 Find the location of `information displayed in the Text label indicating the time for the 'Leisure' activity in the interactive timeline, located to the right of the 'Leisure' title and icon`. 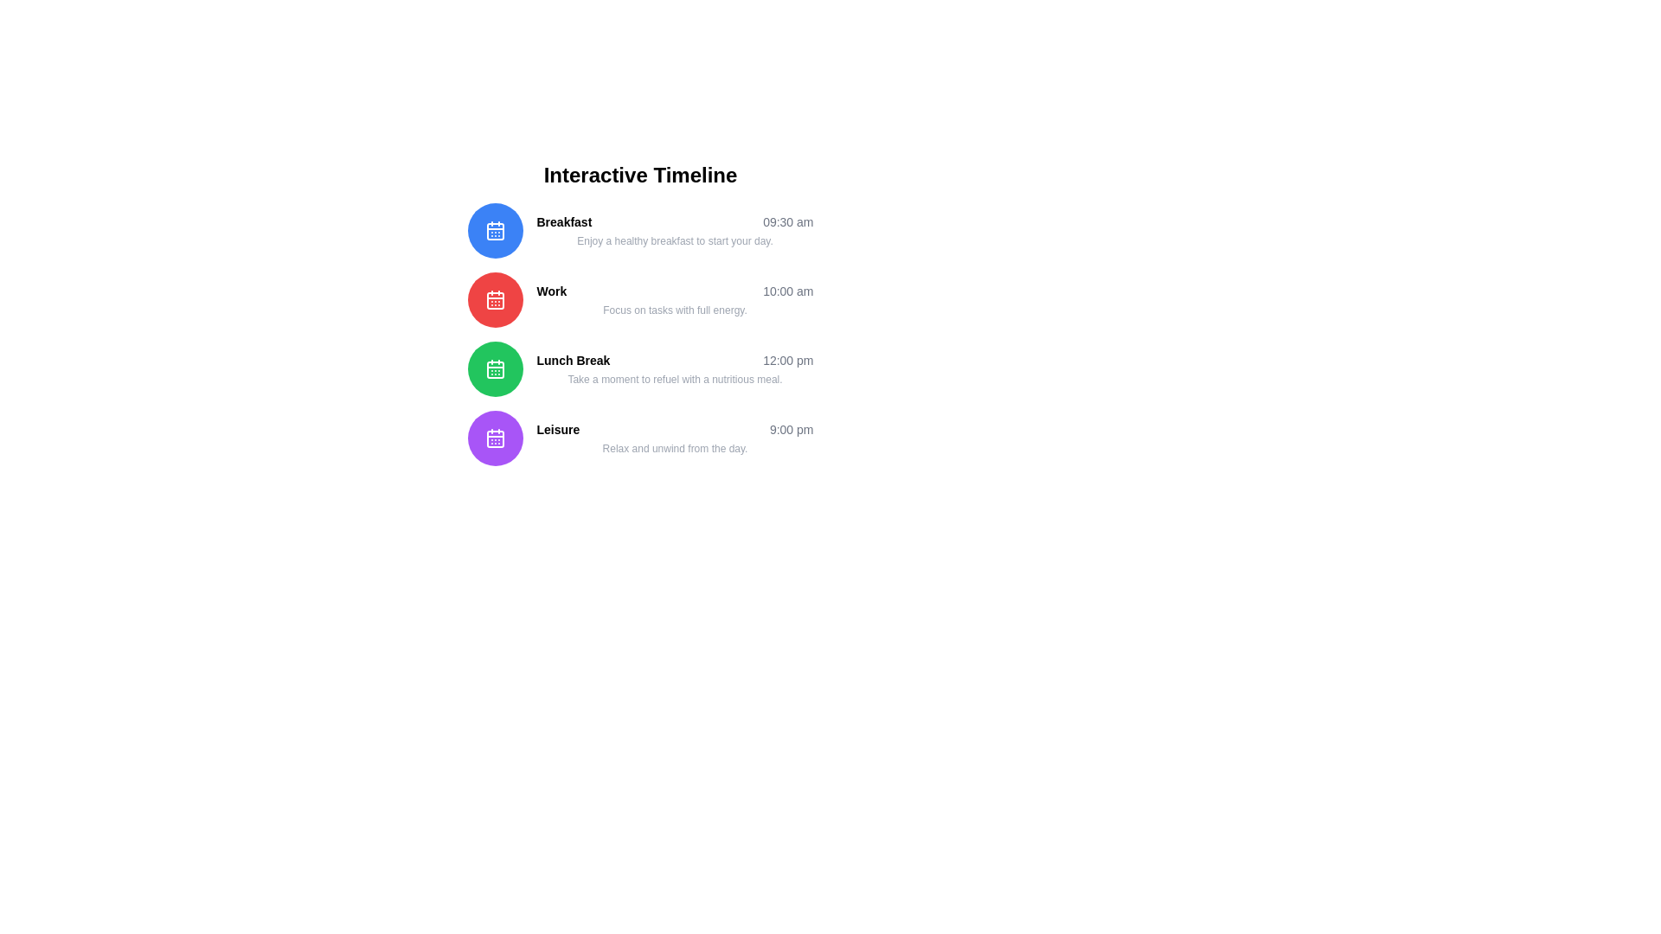

information displayed in the Text label indicating the time for the 'Leisure' activity in the interactive timeline, located to the right of the 'Leisure' title and icon is located at coordinates (791, 429).